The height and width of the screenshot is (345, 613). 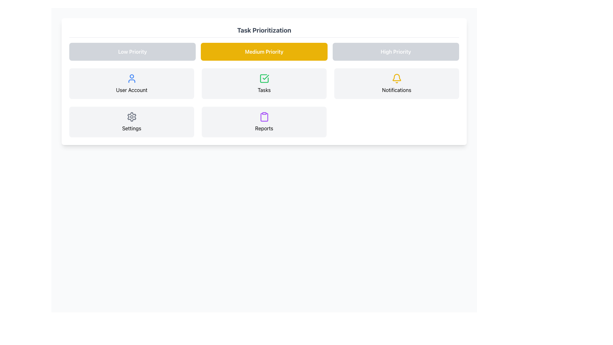 I want to click on the 'Reports' text label in bold black font located in the bottom row, center column of the grid layout, so click(x=264, y=128).